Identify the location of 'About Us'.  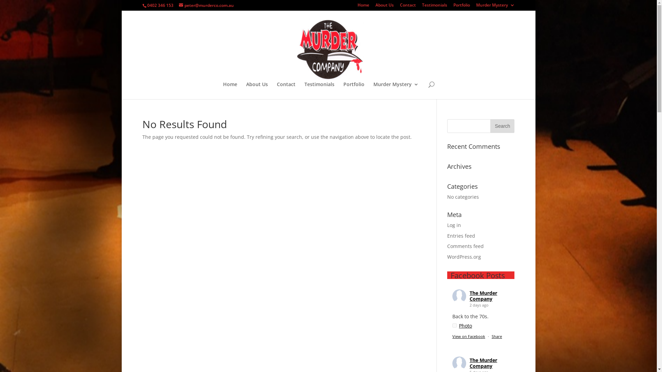
(384, 7).